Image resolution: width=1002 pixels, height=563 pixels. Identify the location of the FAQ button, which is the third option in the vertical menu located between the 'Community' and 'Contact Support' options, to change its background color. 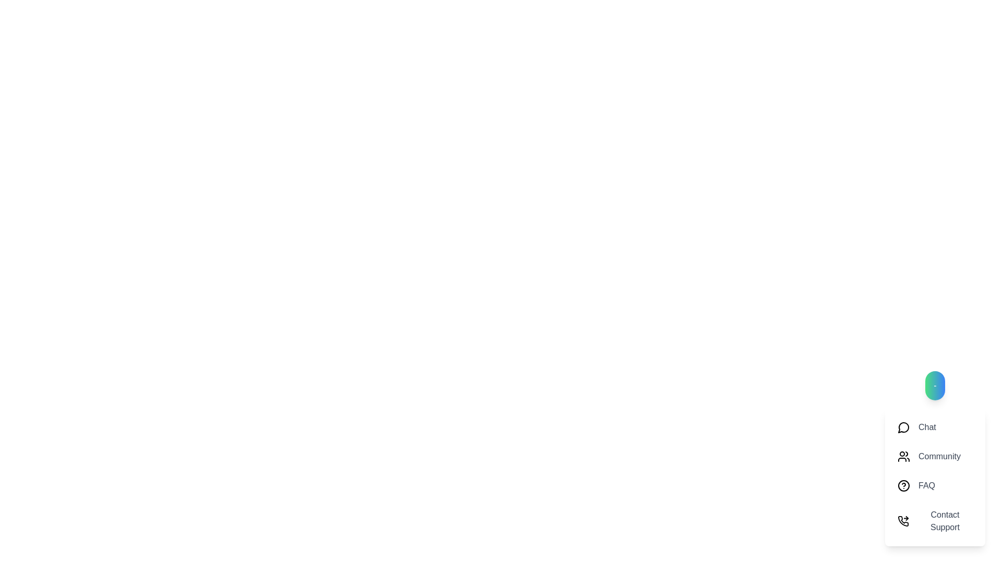
(935, 486).